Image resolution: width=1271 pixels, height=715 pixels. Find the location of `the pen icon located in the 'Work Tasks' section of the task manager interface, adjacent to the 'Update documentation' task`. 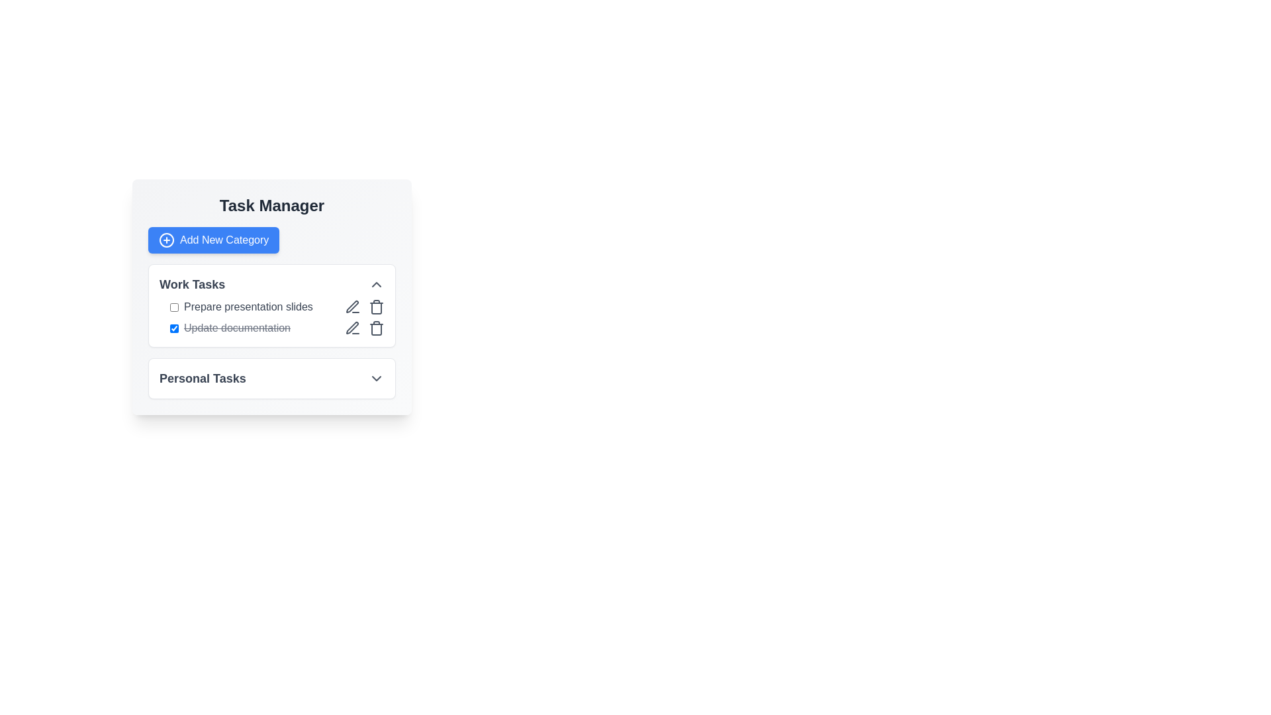

the pen icon located in the 'Work Tasks' section of the task manager interface, adjacent to the 'Update documentation' task is located at coordinates (352, 307).